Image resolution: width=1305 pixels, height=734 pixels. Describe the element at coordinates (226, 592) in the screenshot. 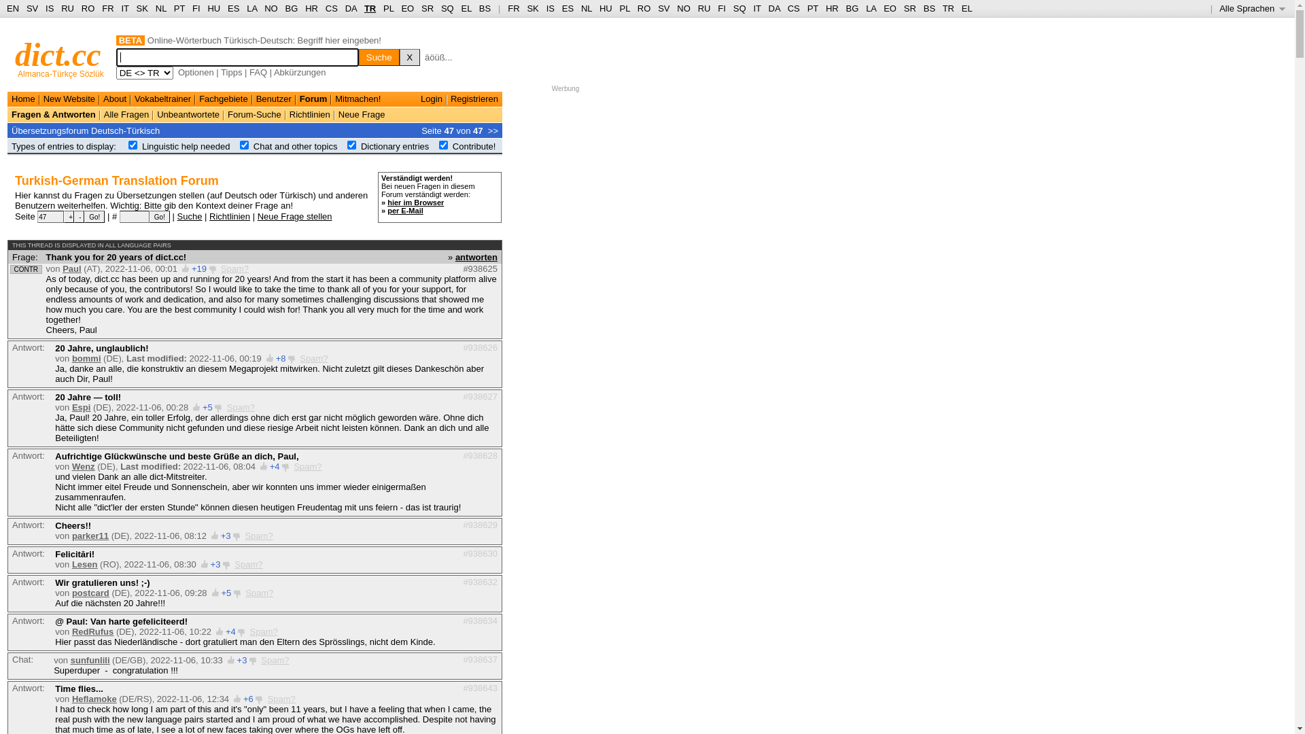

I see `'+5'` at that location.